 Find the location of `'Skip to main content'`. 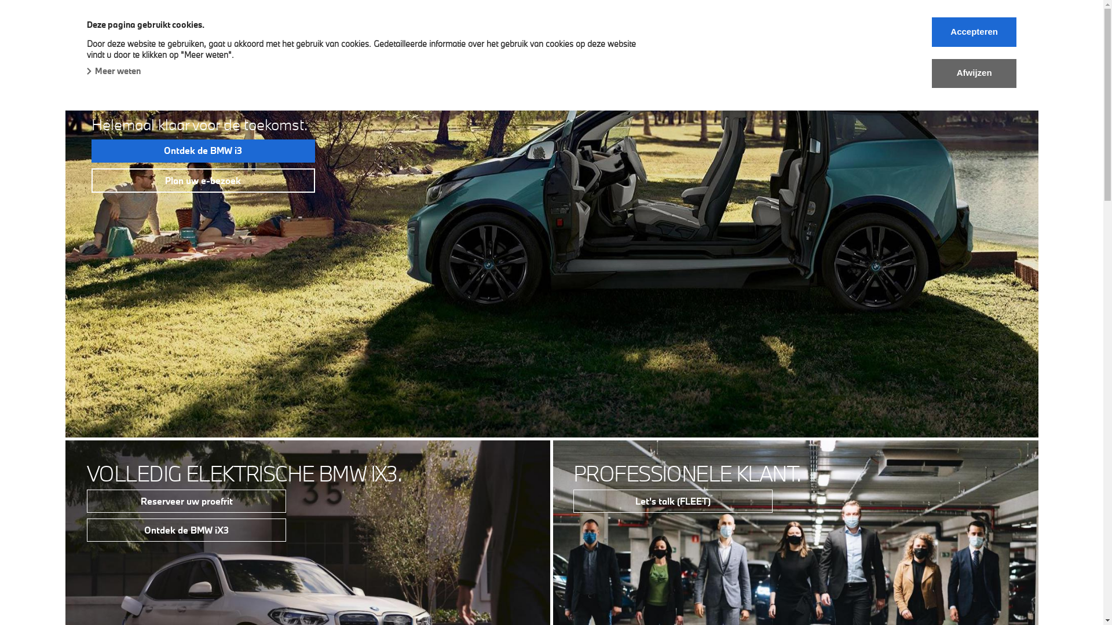

'Skip to main content' is located at coordinates (0, 0).